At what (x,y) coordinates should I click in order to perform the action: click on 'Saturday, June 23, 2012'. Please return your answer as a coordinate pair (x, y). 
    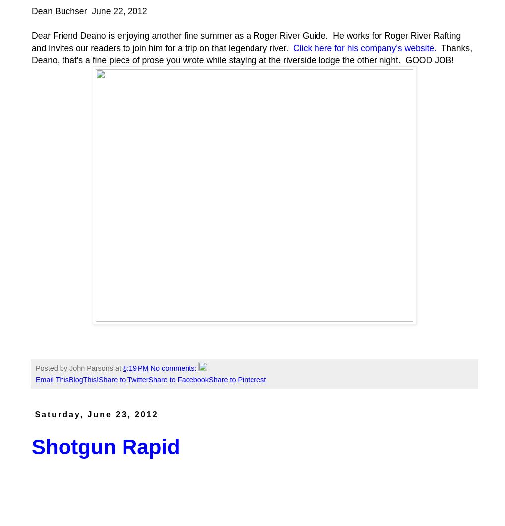
    Looking at the image, I should click on (96, 414).